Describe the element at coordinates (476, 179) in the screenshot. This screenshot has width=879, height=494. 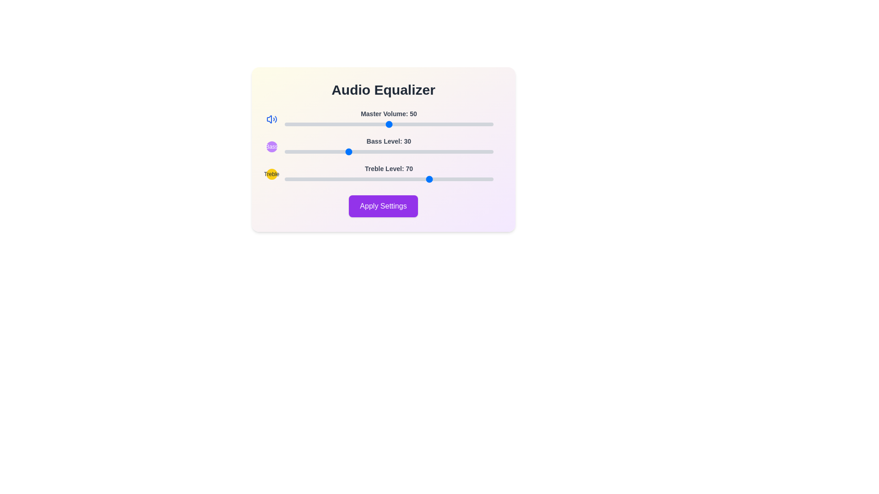
I see `Treble Level` at that location.